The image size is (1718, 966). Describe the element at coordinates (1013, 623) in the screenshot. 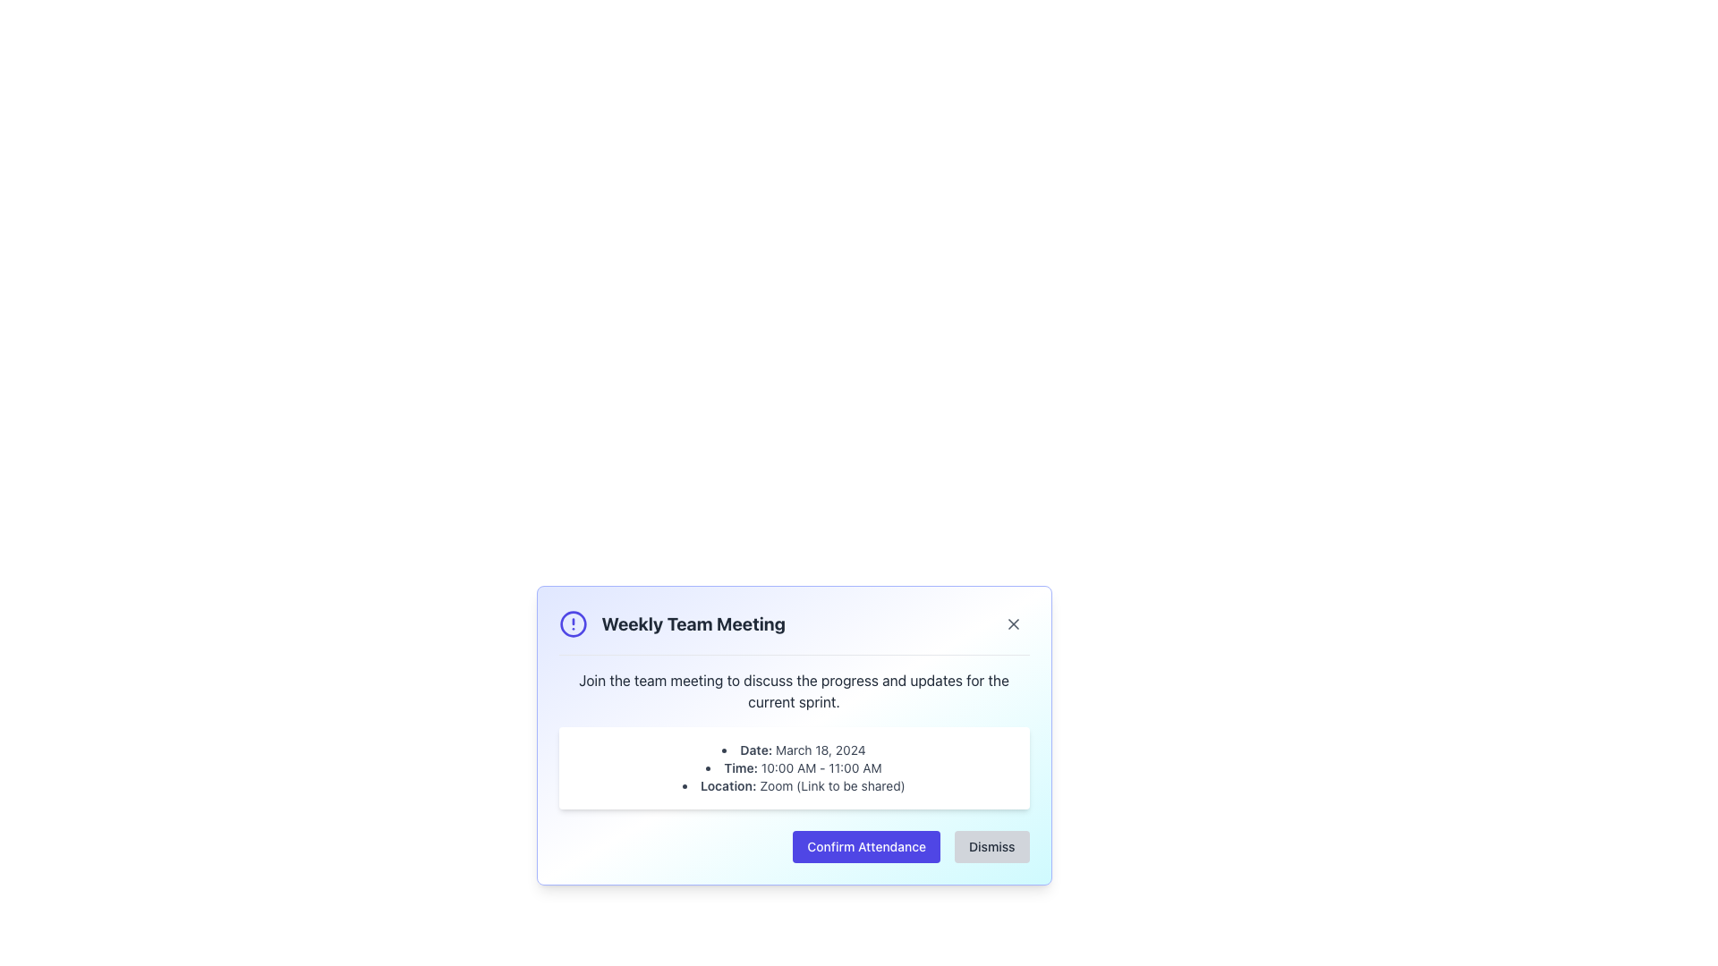

I see `the dismiss button located at the top-right corner of the 'Weekly Team Meeting' alert dialog` at that location.